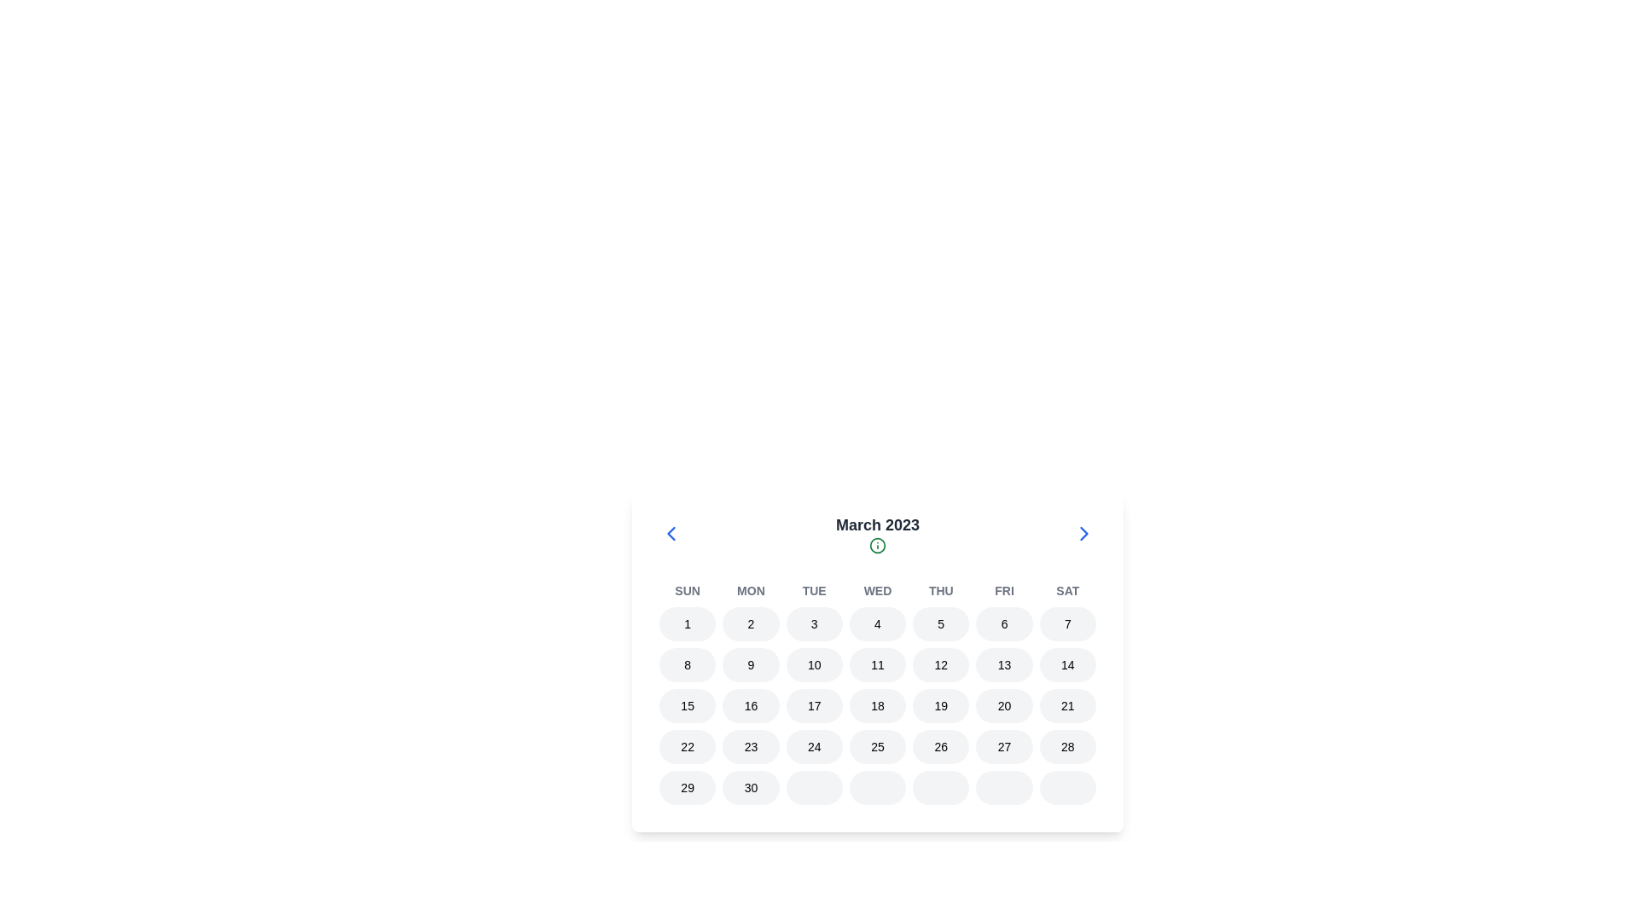  What do you see at coordinates (1066, 663) in the screenshot?
I see `the date selector button for the 14th of the month located in the bottom row of the calendar interface` at bounding box center [1066, 663].